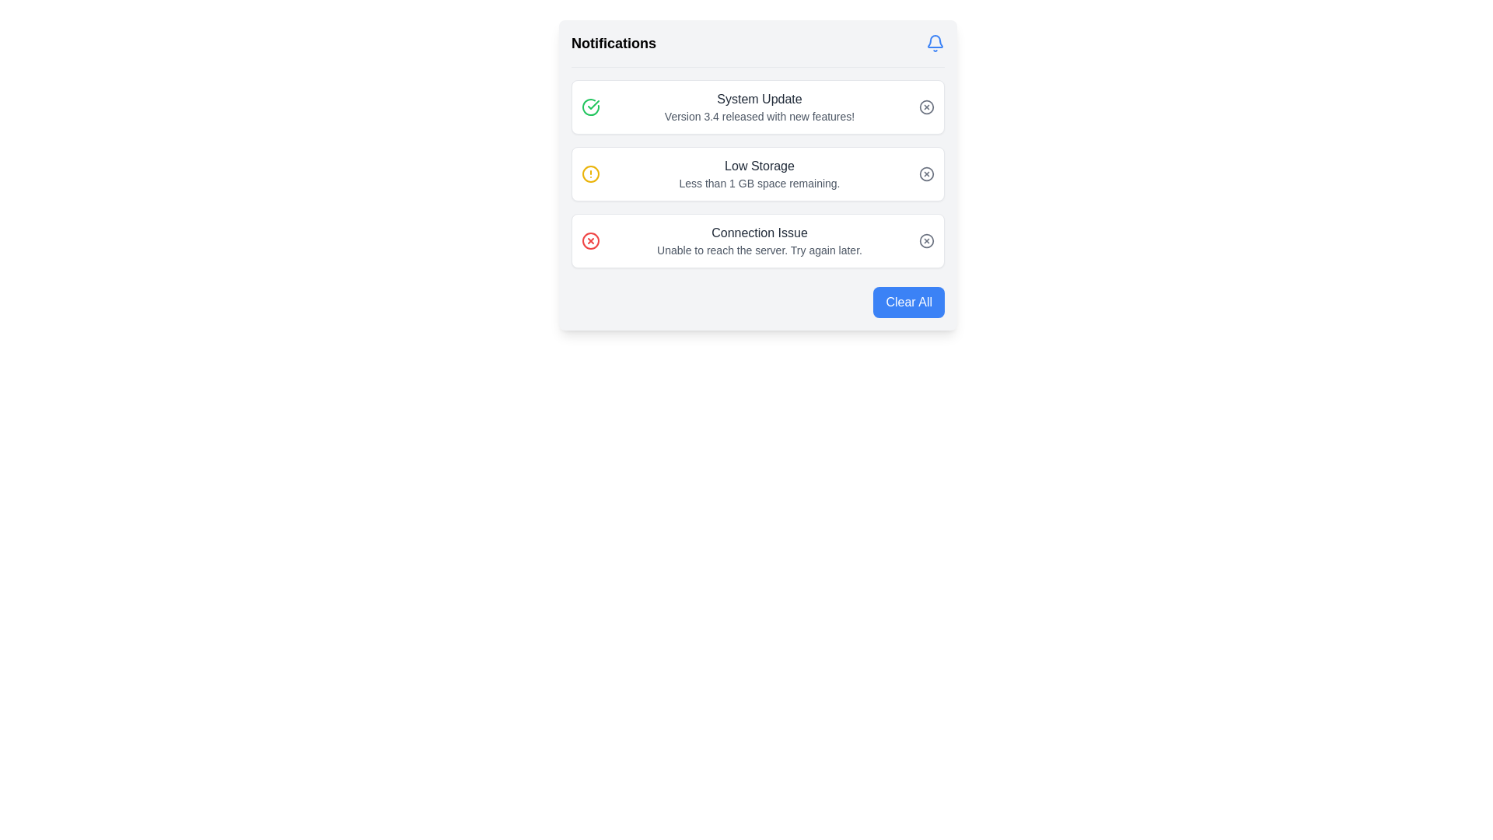 The width and height of the screenshot is (1493, 840). What do you see at coordinates (760, 116) in the screenshot?
I see `the text label that provides additional details about the 'System Update' notification, located below the heading 'System Update' within the first notification card` at bounding box center [760, 116].